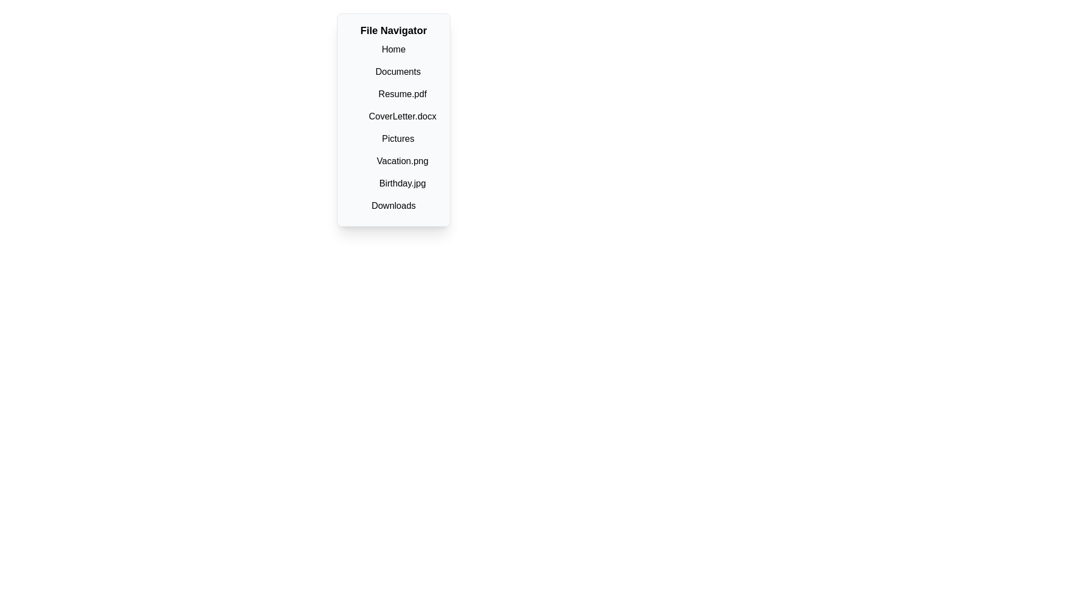 This screenshot has height=603, width=1073. Describe the element at coordinates (402, 94) in the screenshot. I see `to select the file named 'Resume.pdf' in the 'File Navigator' list, which is the third item after 'Home' and 'Documents'` at that location.